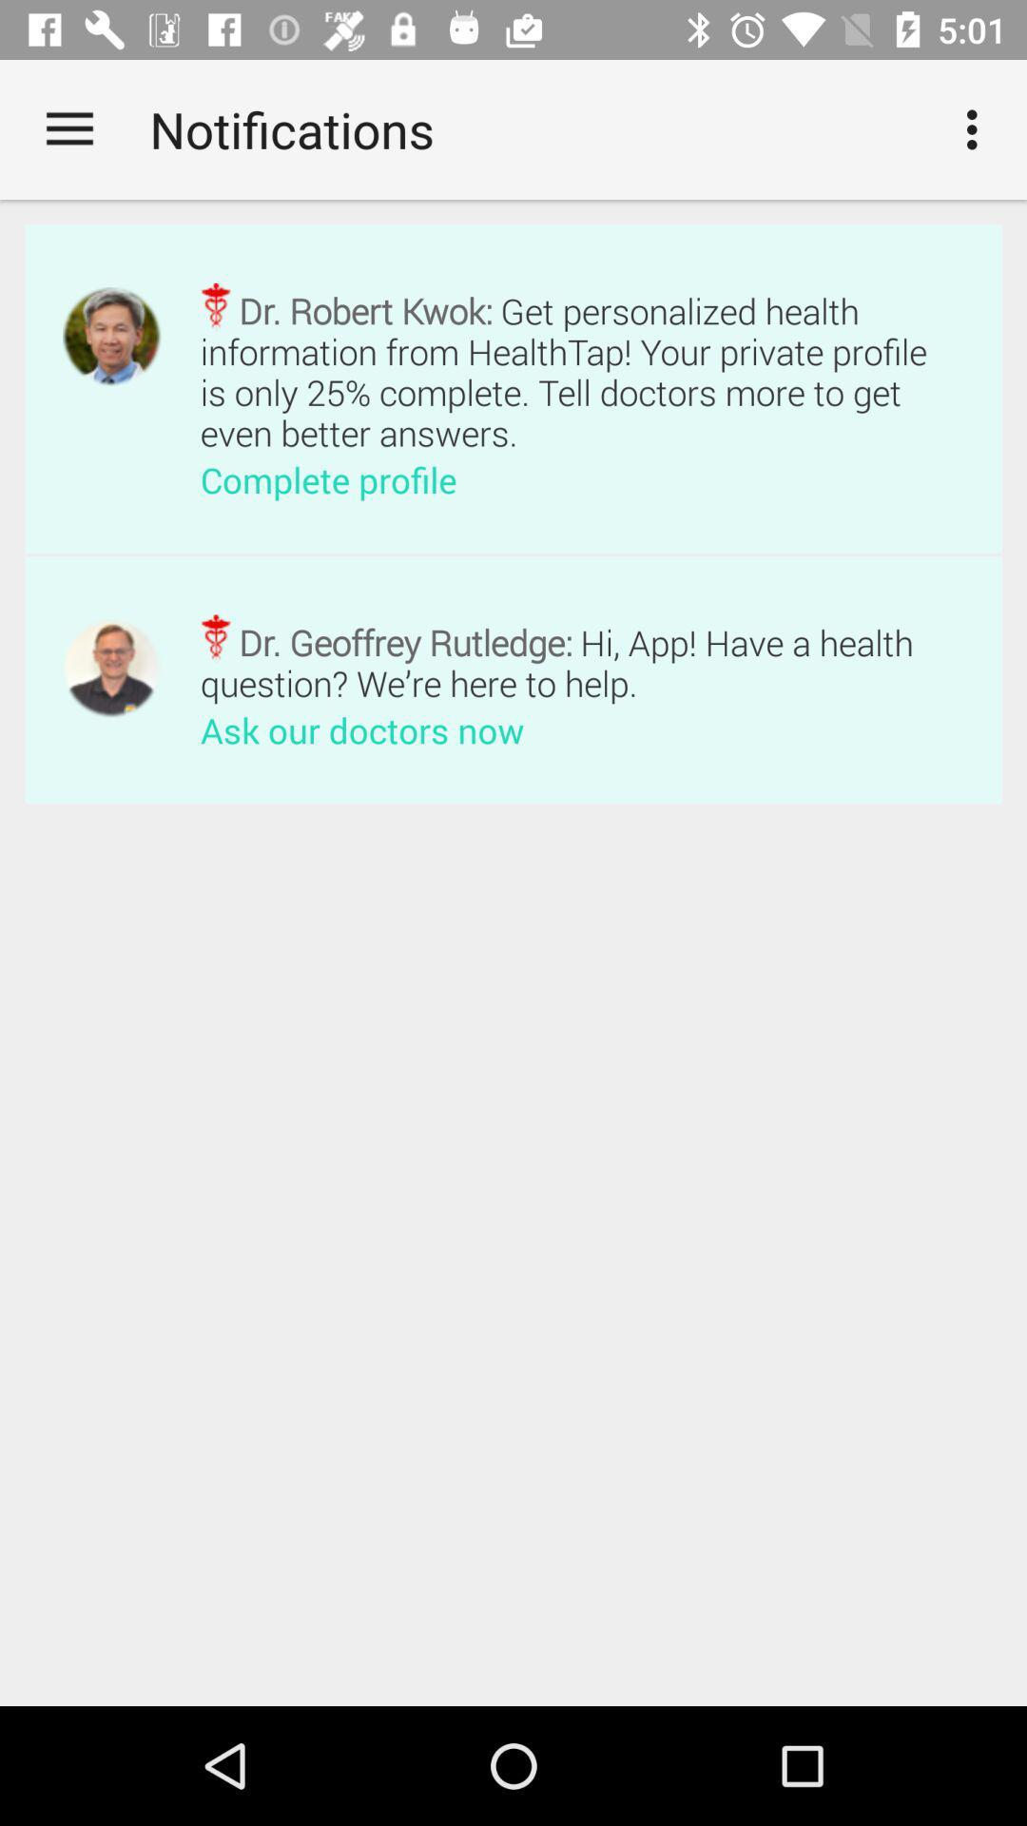 The image size is (1027, 1826). What do you see at coordinates (68, 128) in the screenshot?
I see `item to the left of the notifications app` at bounding box center [68, 128].